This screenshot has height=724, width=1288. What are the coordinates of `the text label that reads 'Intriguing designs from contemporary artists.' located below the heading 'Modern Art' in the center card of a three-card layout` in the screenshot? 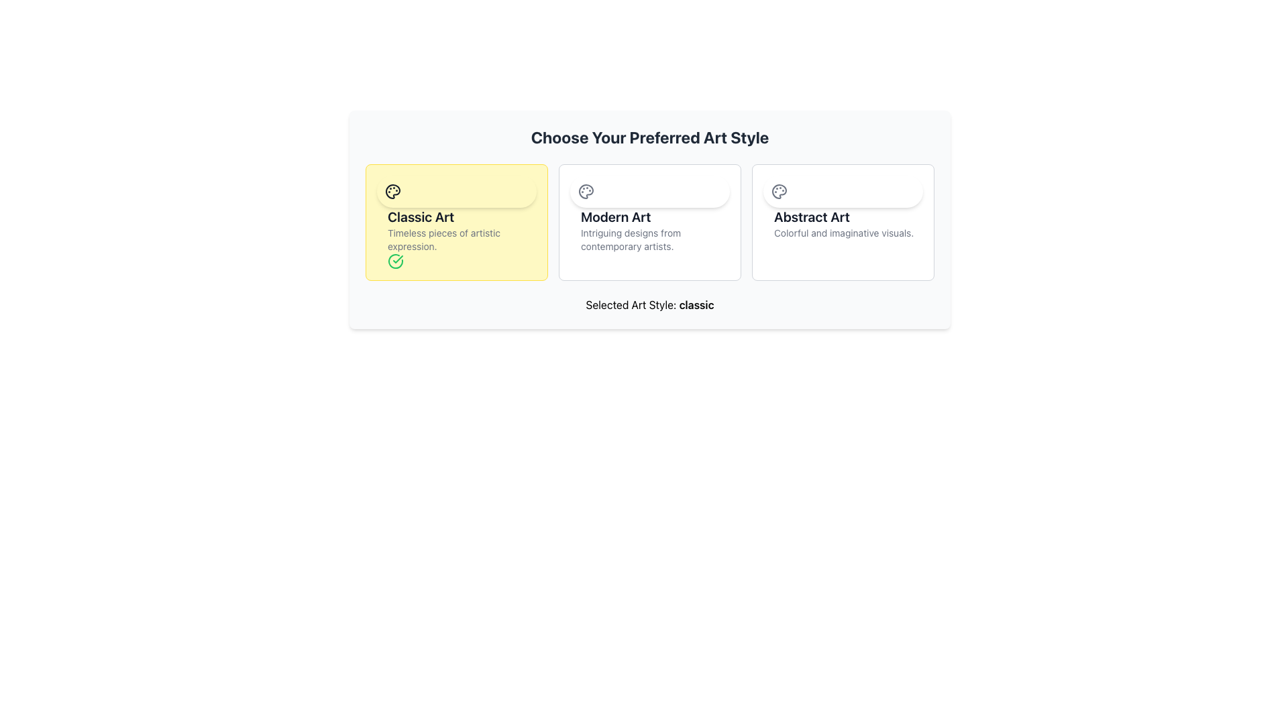 It's located at (655, 239).